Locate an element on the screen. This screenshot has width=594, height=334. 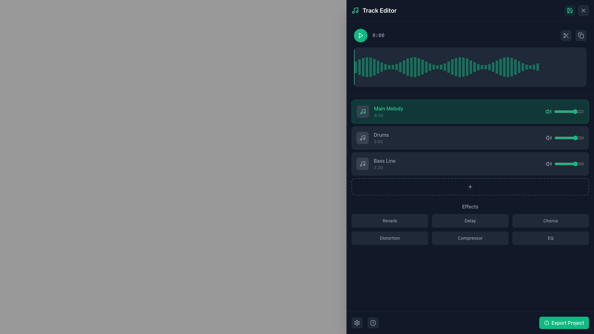
the SVG Graphic Icon located at the start of the 'Export Project' button is located at coordinates (546, 323).